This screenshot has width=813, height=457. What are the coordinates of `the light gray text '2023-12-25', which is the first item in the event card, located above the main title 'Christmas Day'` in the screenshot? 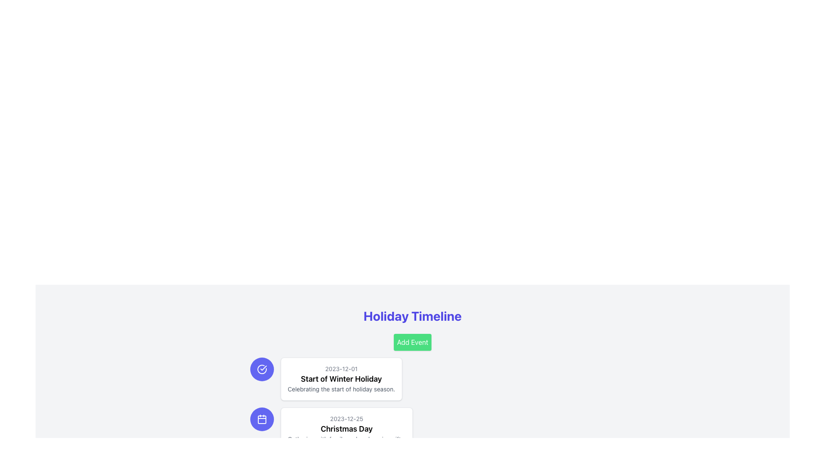 It's located at (346, 419).